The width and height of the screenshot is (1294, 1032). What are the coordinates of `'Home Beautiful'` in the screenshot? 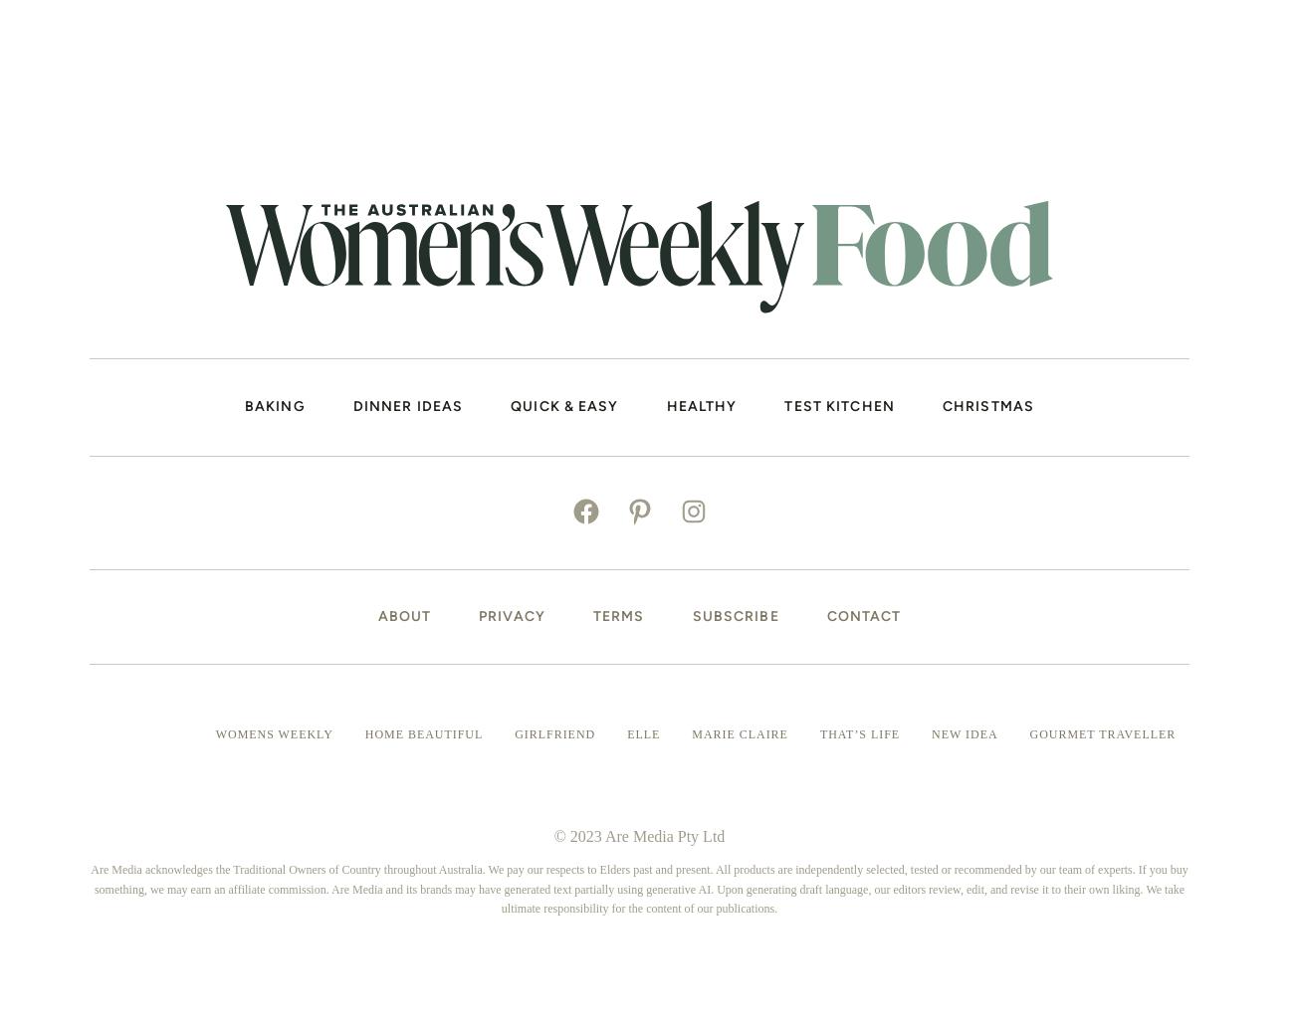 It's located at (362, 732).